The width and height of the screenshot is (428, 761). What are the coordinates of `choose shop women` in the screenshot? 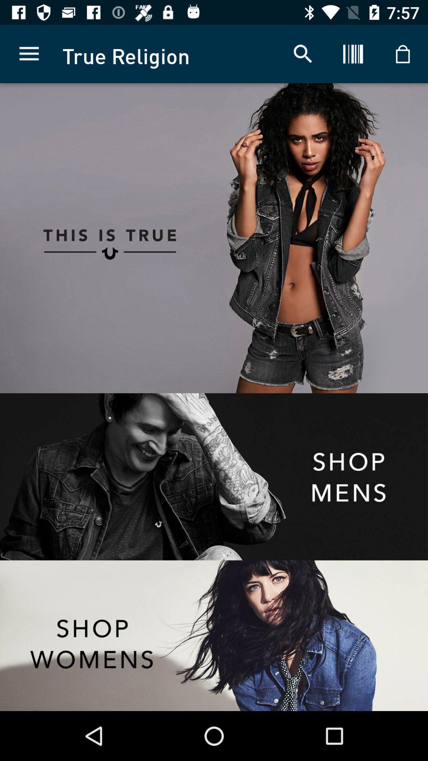 It's located at (214, 635).